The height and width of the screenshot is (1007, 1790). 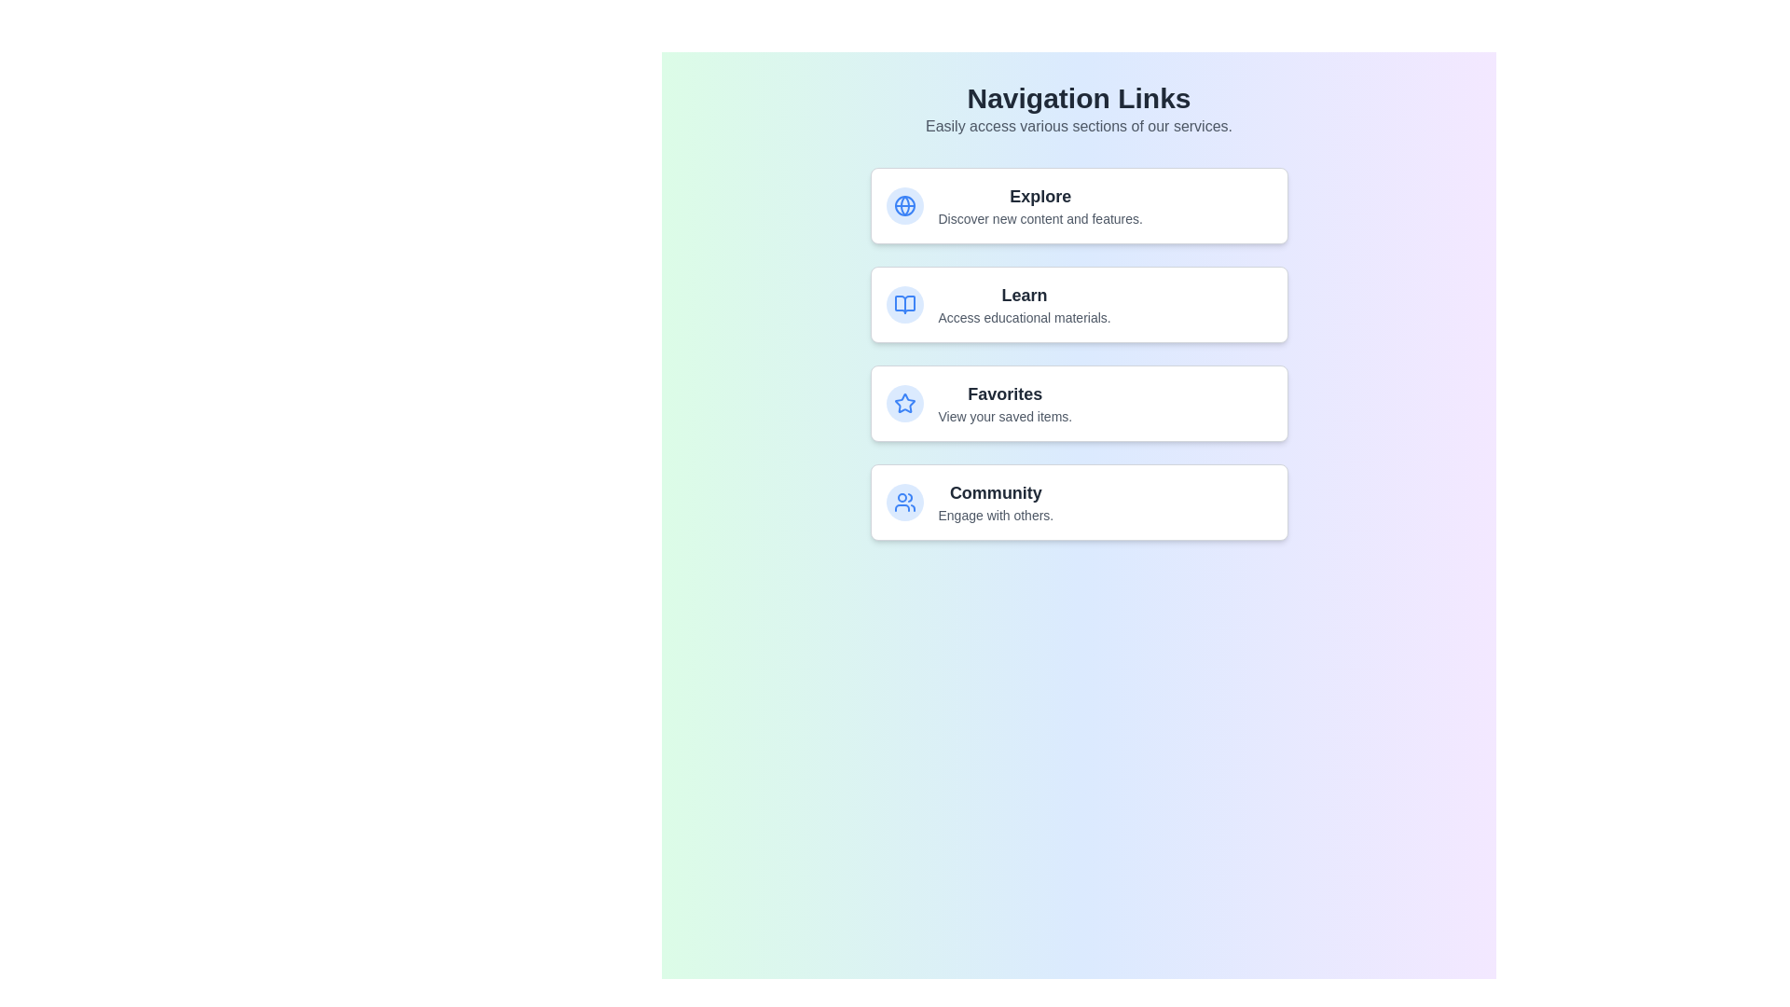 What do you see at coordinates (995, 502) in the screenshot?
I see `the 'Community' text block in the fourth card of the vertical navigation list` at bounding box center [995, 502].